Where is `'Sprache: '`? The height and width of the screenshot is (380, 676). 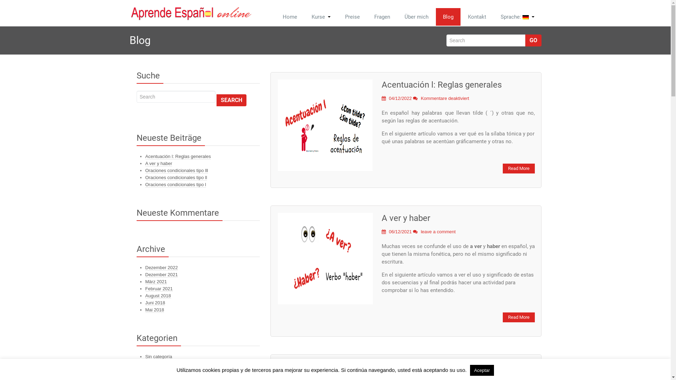
'Sprache: ' is located at coordinates (517, 16).